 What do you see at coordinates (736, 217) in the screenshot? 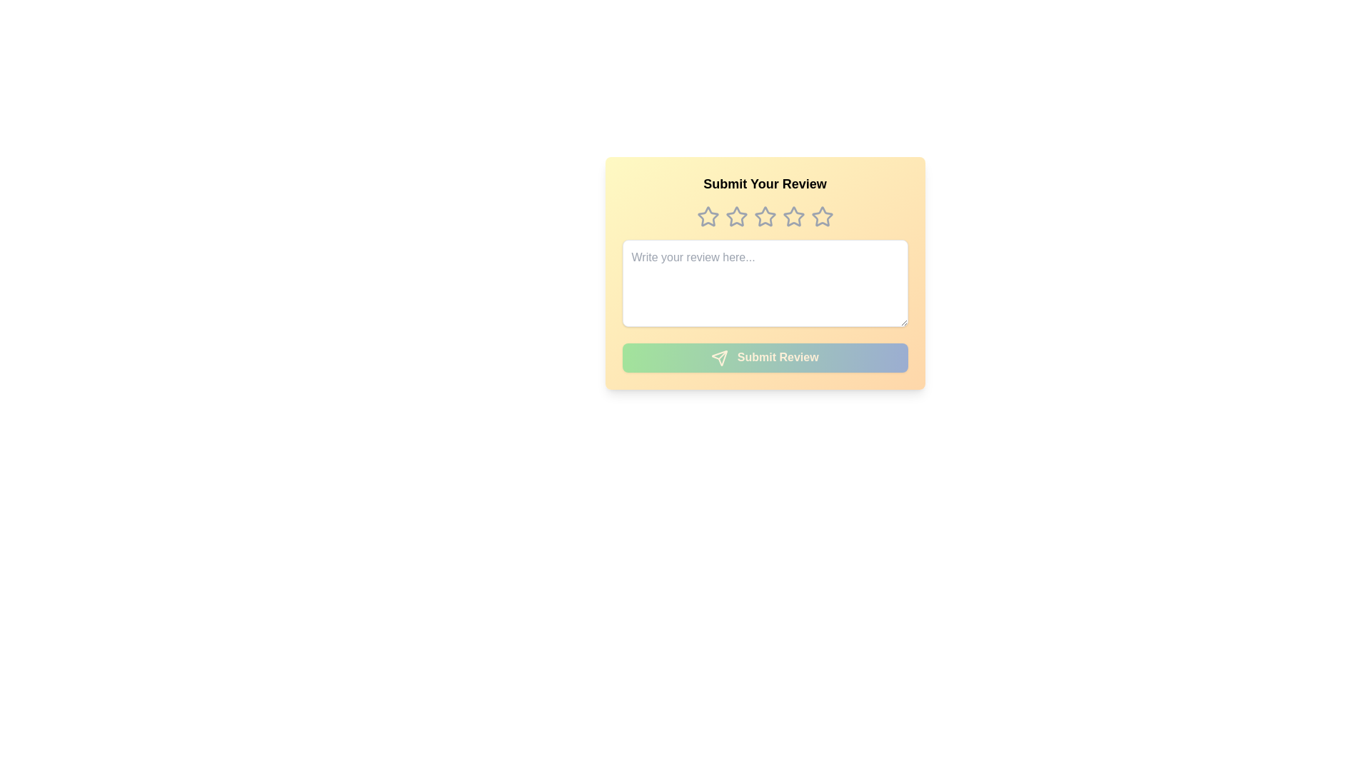
I see `the third star icon in the five-star rating system` at bounding box center [736, 217].